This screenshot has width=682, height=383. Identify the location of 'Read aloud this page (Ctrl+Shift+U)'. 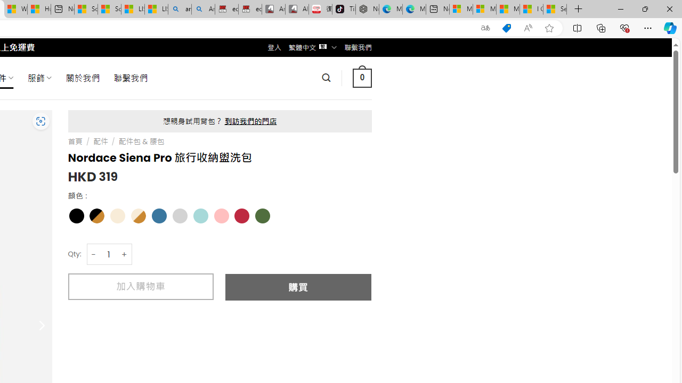
(528, 28).